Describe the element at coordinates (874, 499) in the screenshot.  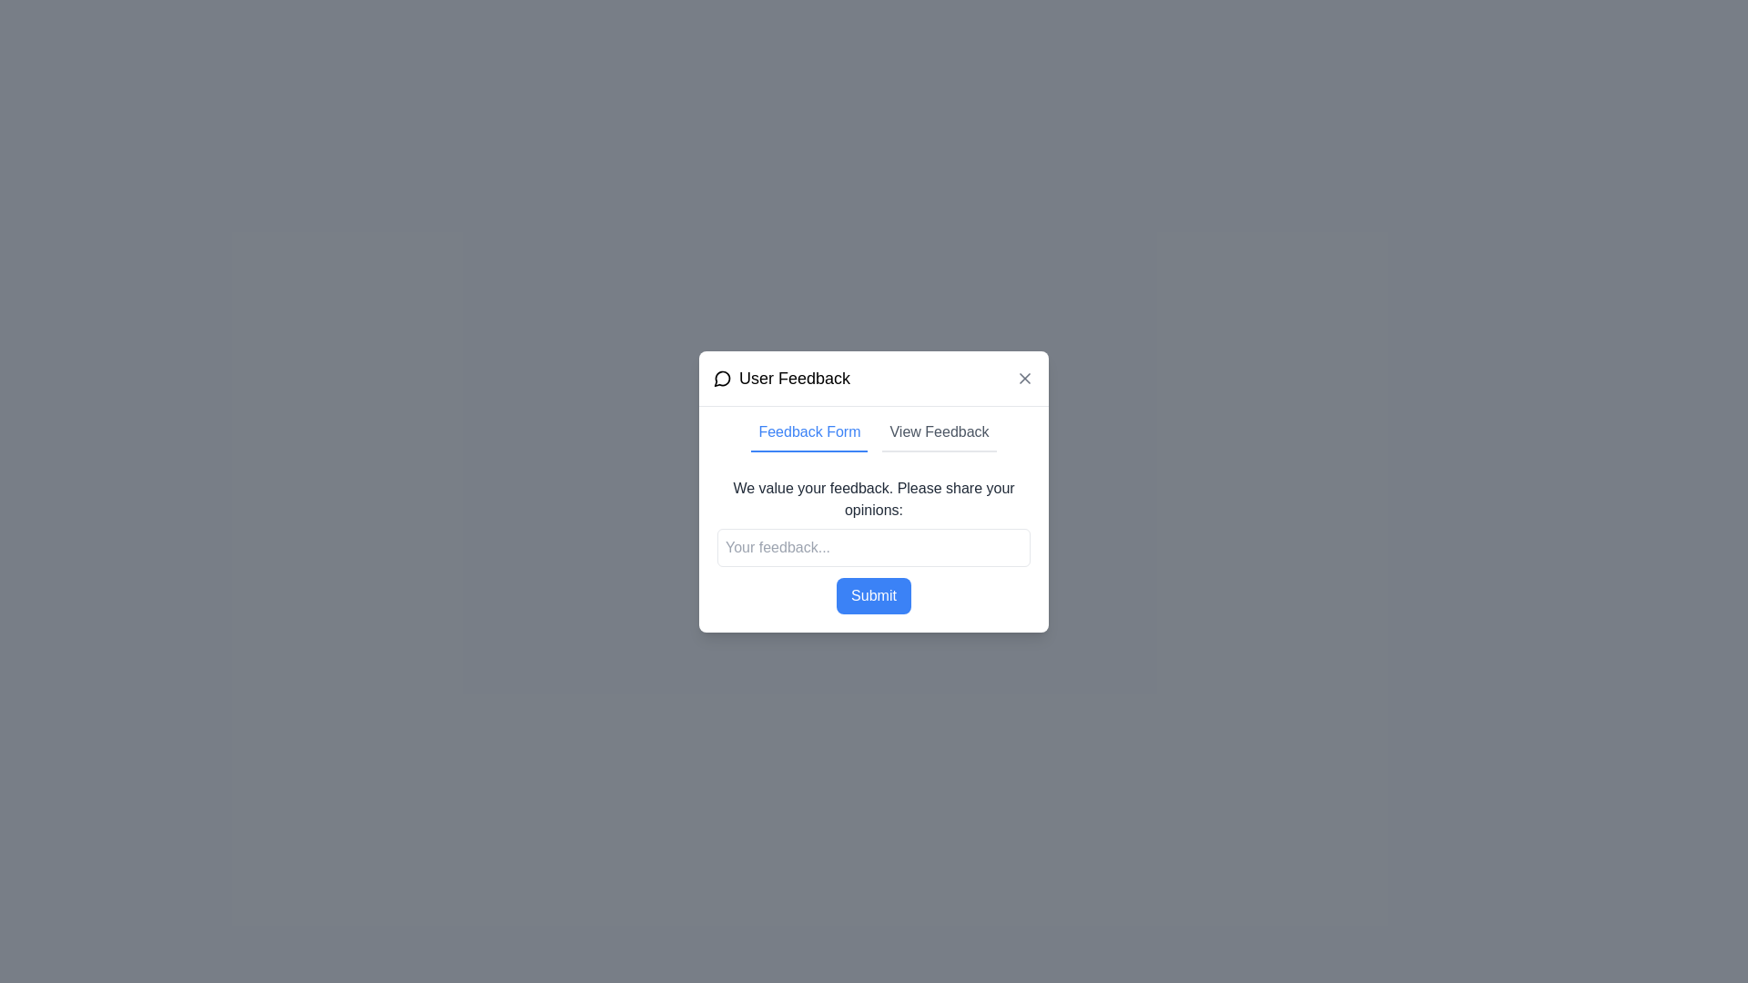
I see `prominently displayed static text block that says 'We value your feedback. Please share your opinions:' which is located in the central modal of the 'User Feedback' dialog box` at that location.